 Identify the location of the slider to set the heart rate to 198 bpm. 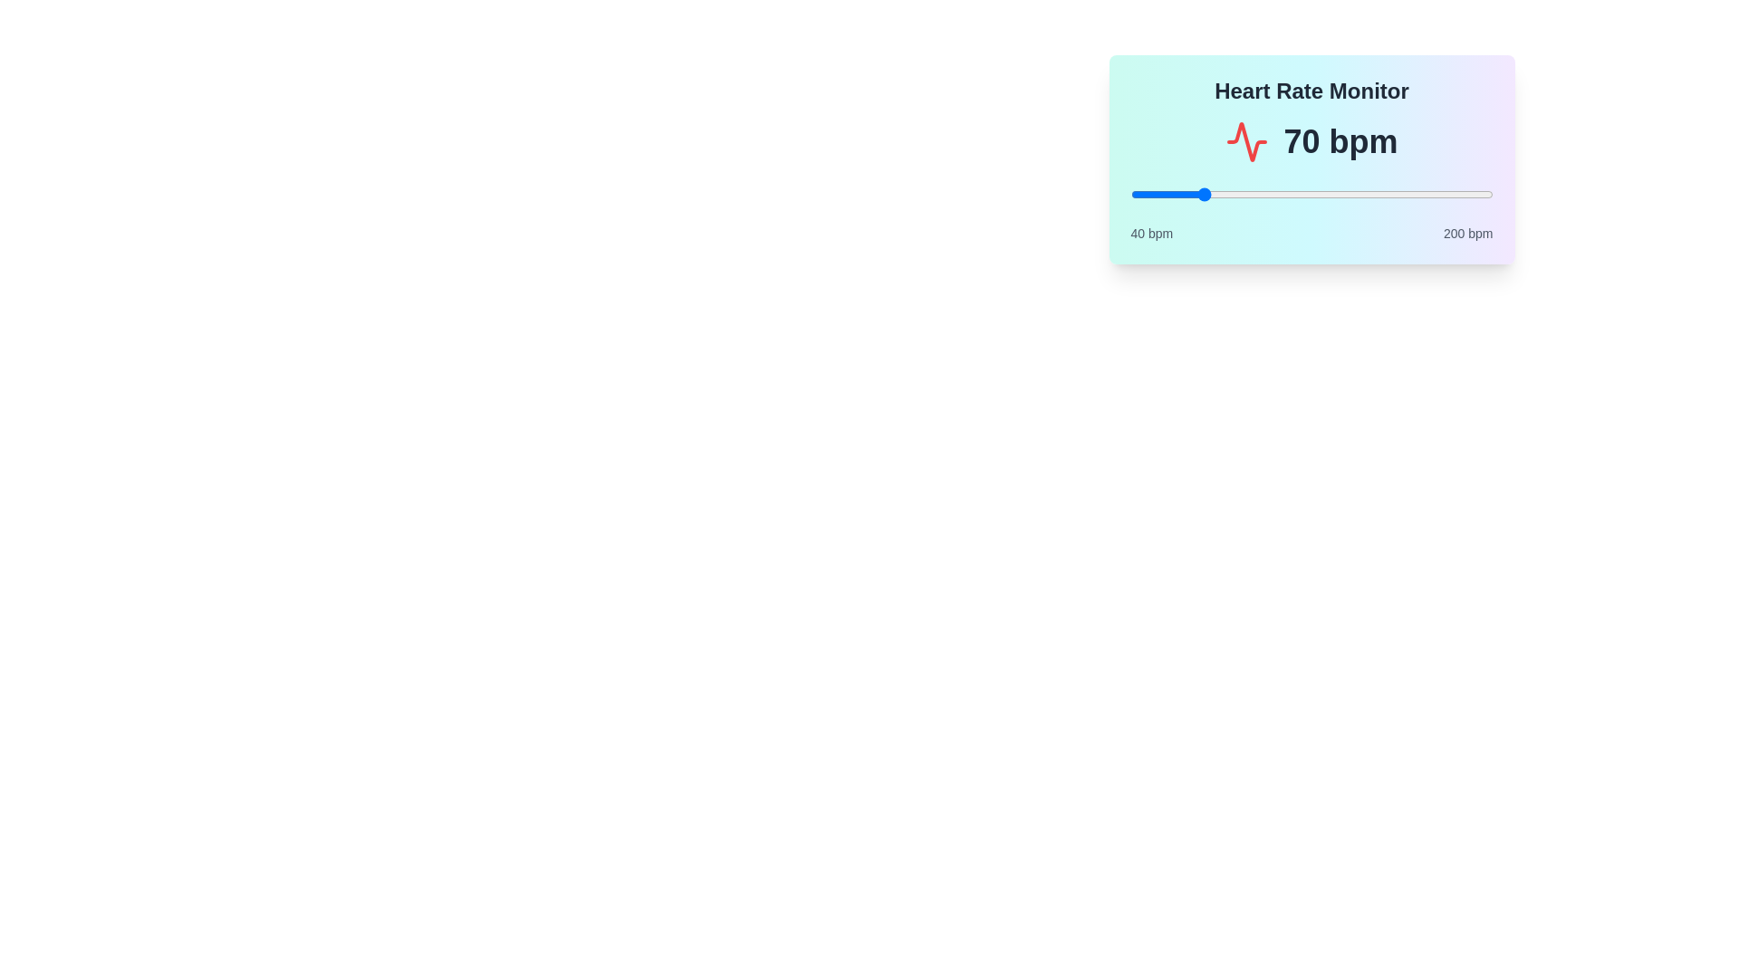
(1488, 195).